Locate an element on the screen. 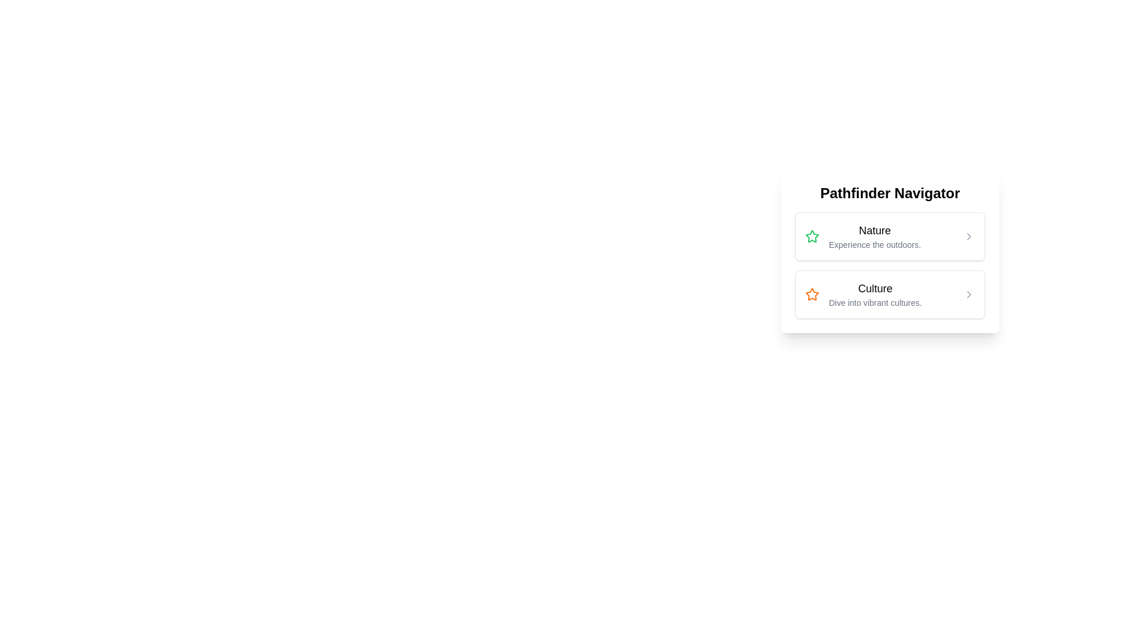 The image size is (1136, 639). the 'Culture' list item with an icon and descriptive text is located at coordinates (863, 293).